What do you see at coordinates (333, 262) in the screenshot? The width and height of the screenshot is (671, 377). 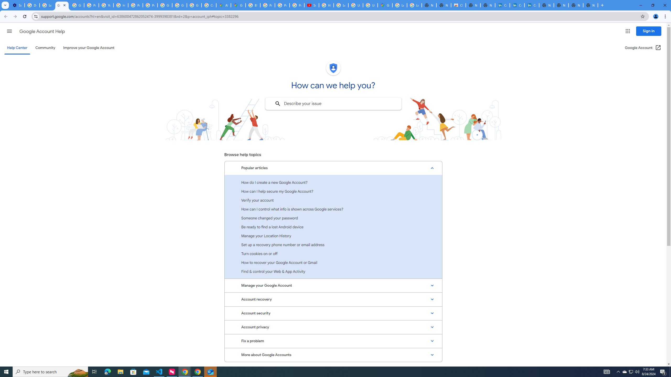 I see `'How to recover your Google Account or Gmail'` at bounding box center [333, 262].